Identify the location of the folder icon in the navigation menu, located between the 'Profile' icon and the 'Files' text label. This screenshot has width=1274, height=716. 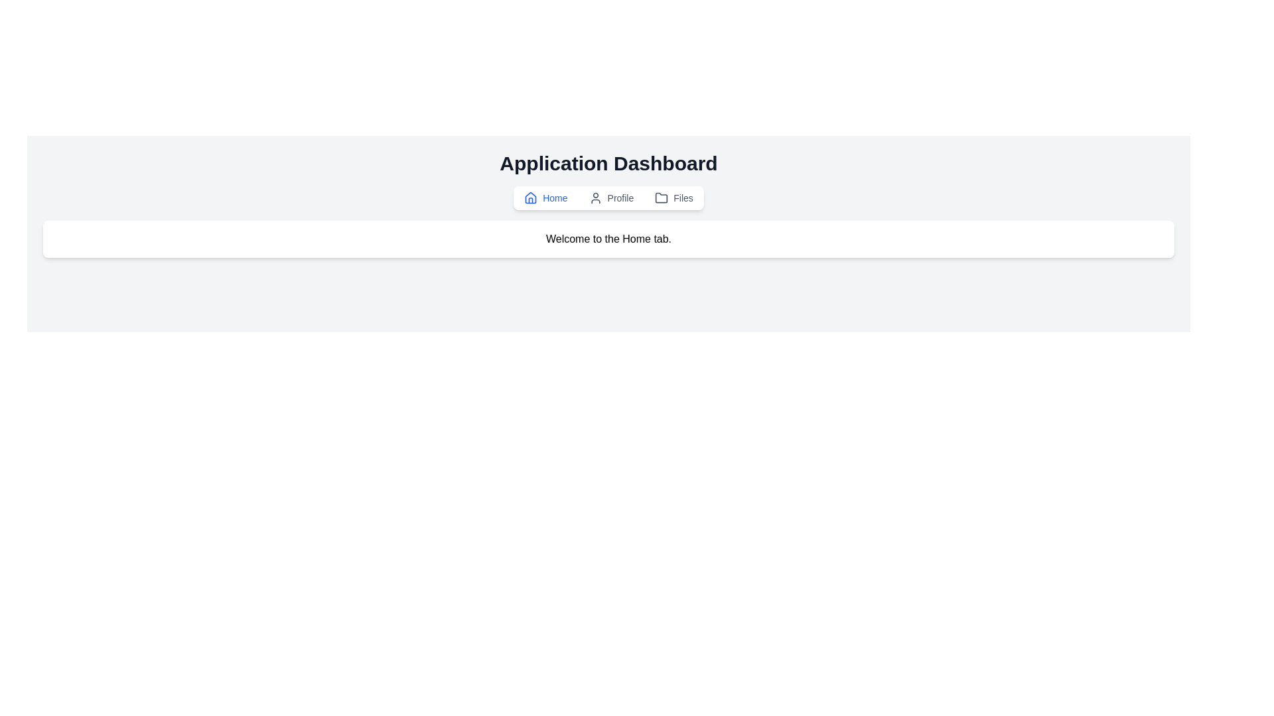
(662, 198).